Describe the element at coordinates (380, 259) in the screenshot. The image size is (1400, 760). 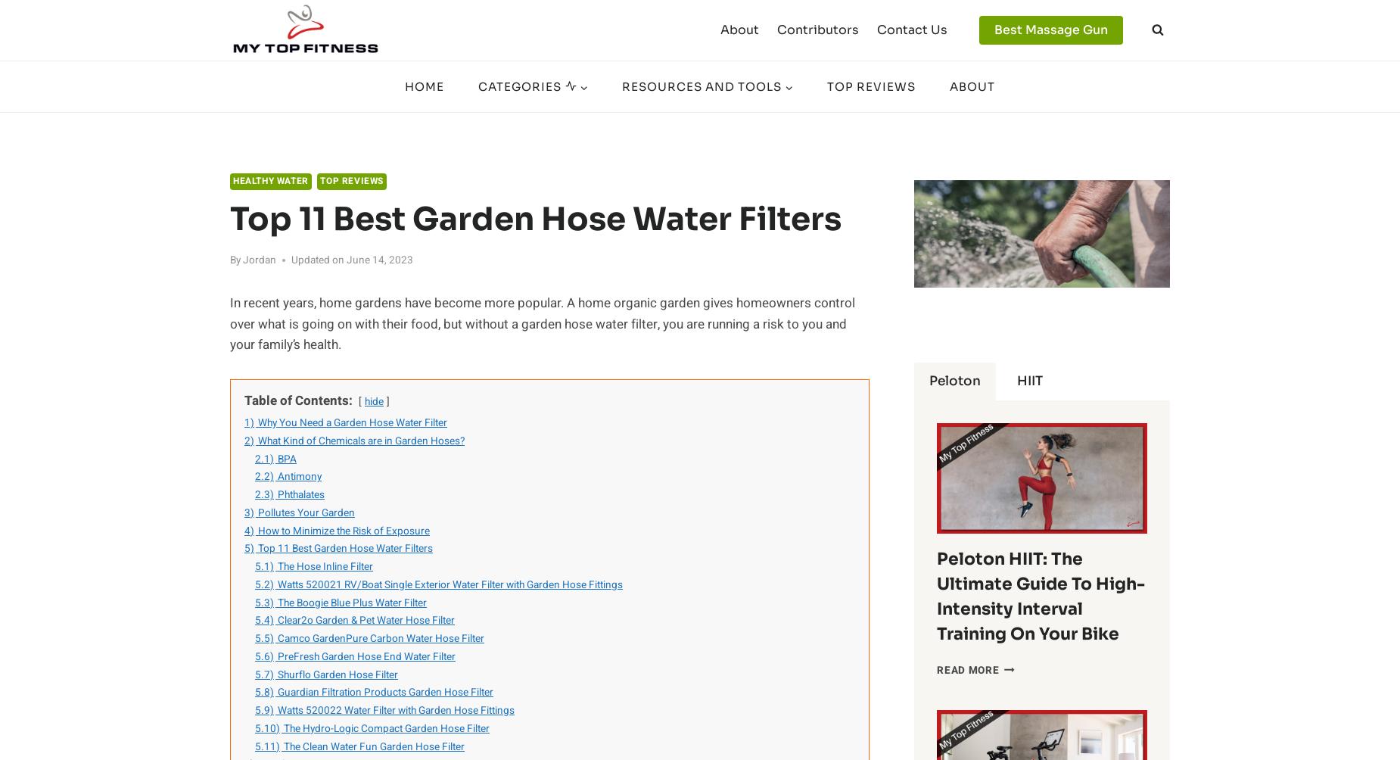
I see `'June 14, 2023'` at that location.